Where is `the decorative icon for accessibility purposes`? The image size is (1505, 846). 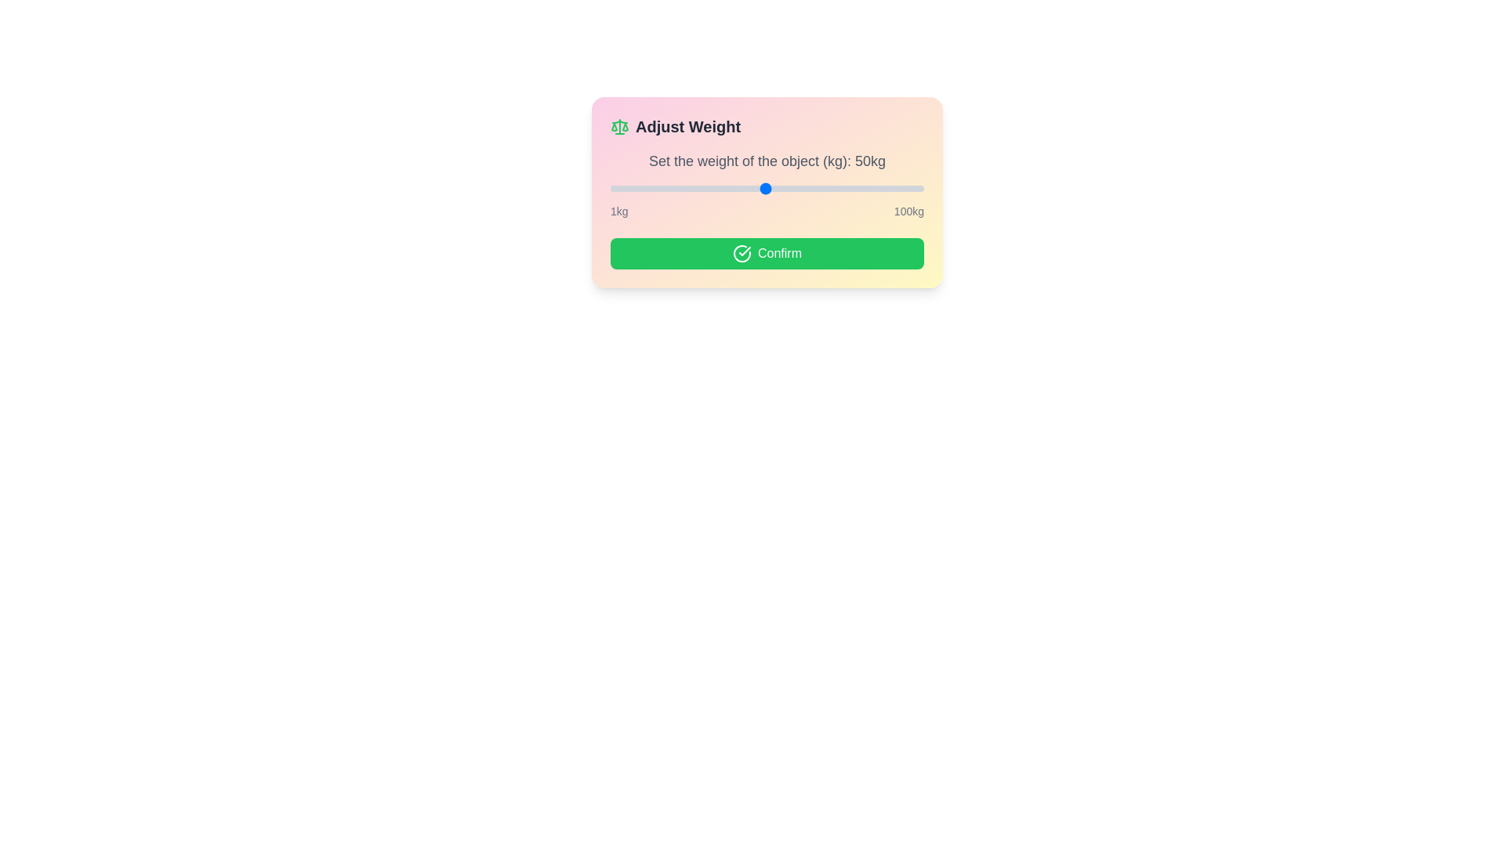
the decorative icon for accessibility purposes is located at coordinates (619, 126).